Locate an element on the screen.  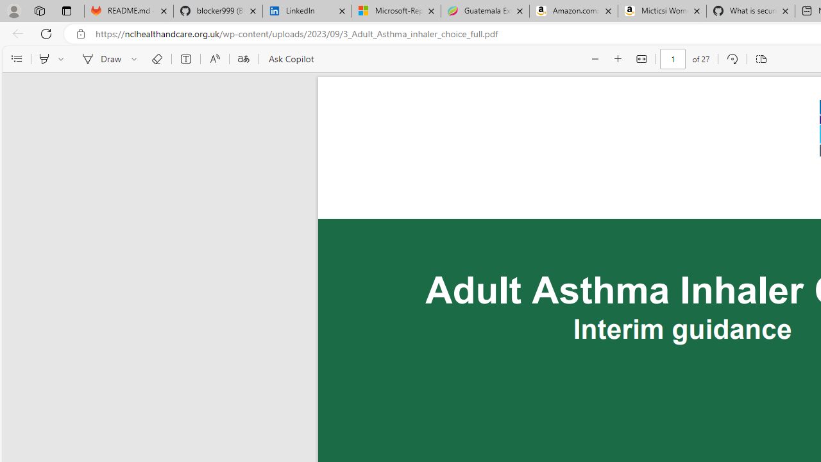
'Rotate (Ctrl+])' is located at coordinates (732, 59).